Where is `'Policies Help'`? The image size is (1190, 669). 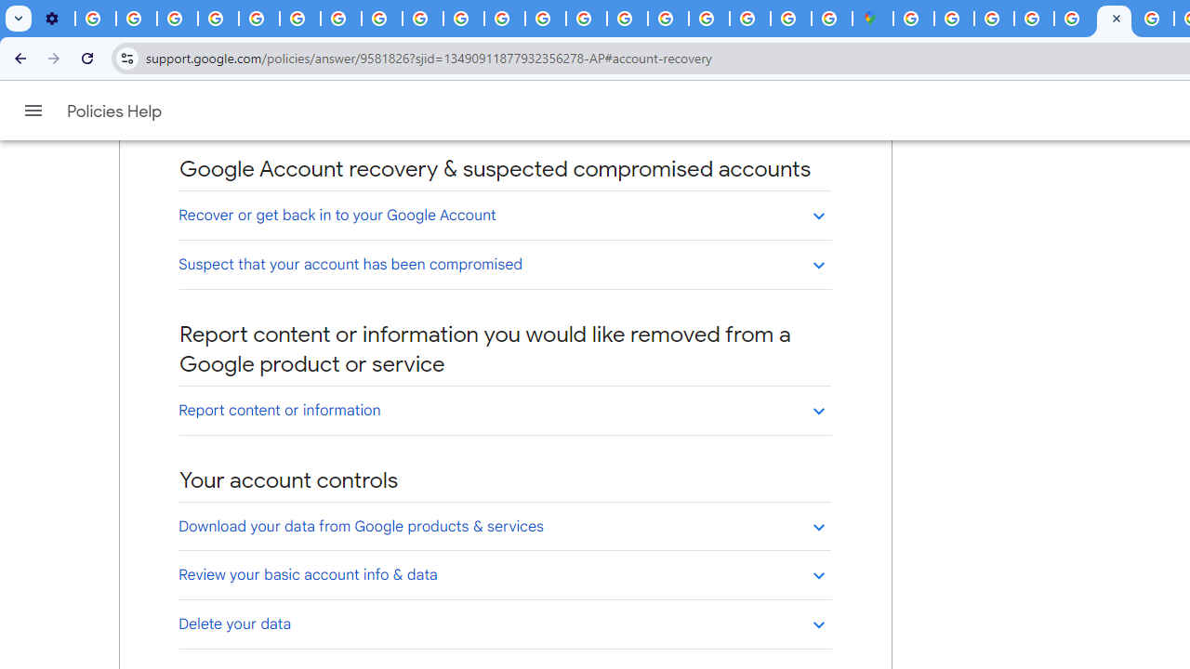
'Policies Help' is located at coordinates (114, 111).